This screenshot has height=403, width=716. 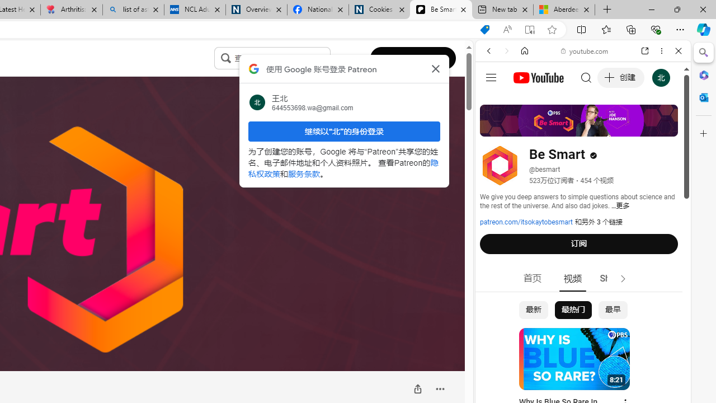 What do you see at coordinates (585, 51) in the screenshot?
I see `'youtube.com'` at bounding box center [585, 51].